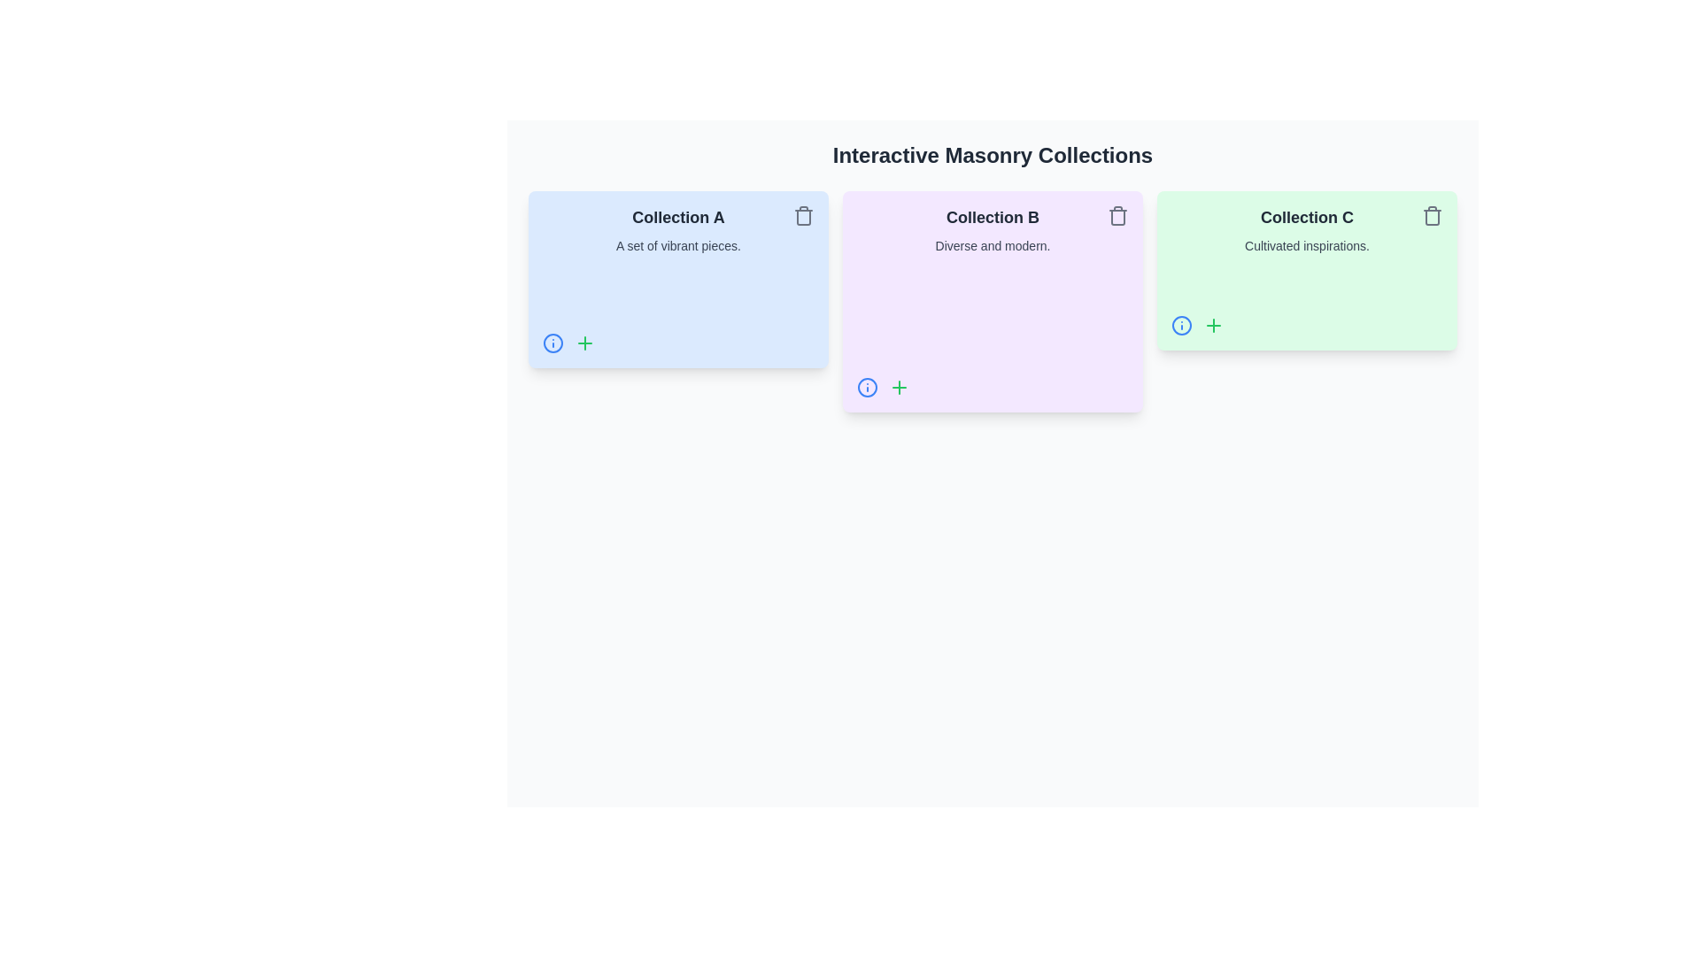 The width and height of the screenshot is (1700, 956). I want to click on descriptive subtitle text located directly below the 'Collection A' label in the first card of the horizontal list, so click(677, 245).